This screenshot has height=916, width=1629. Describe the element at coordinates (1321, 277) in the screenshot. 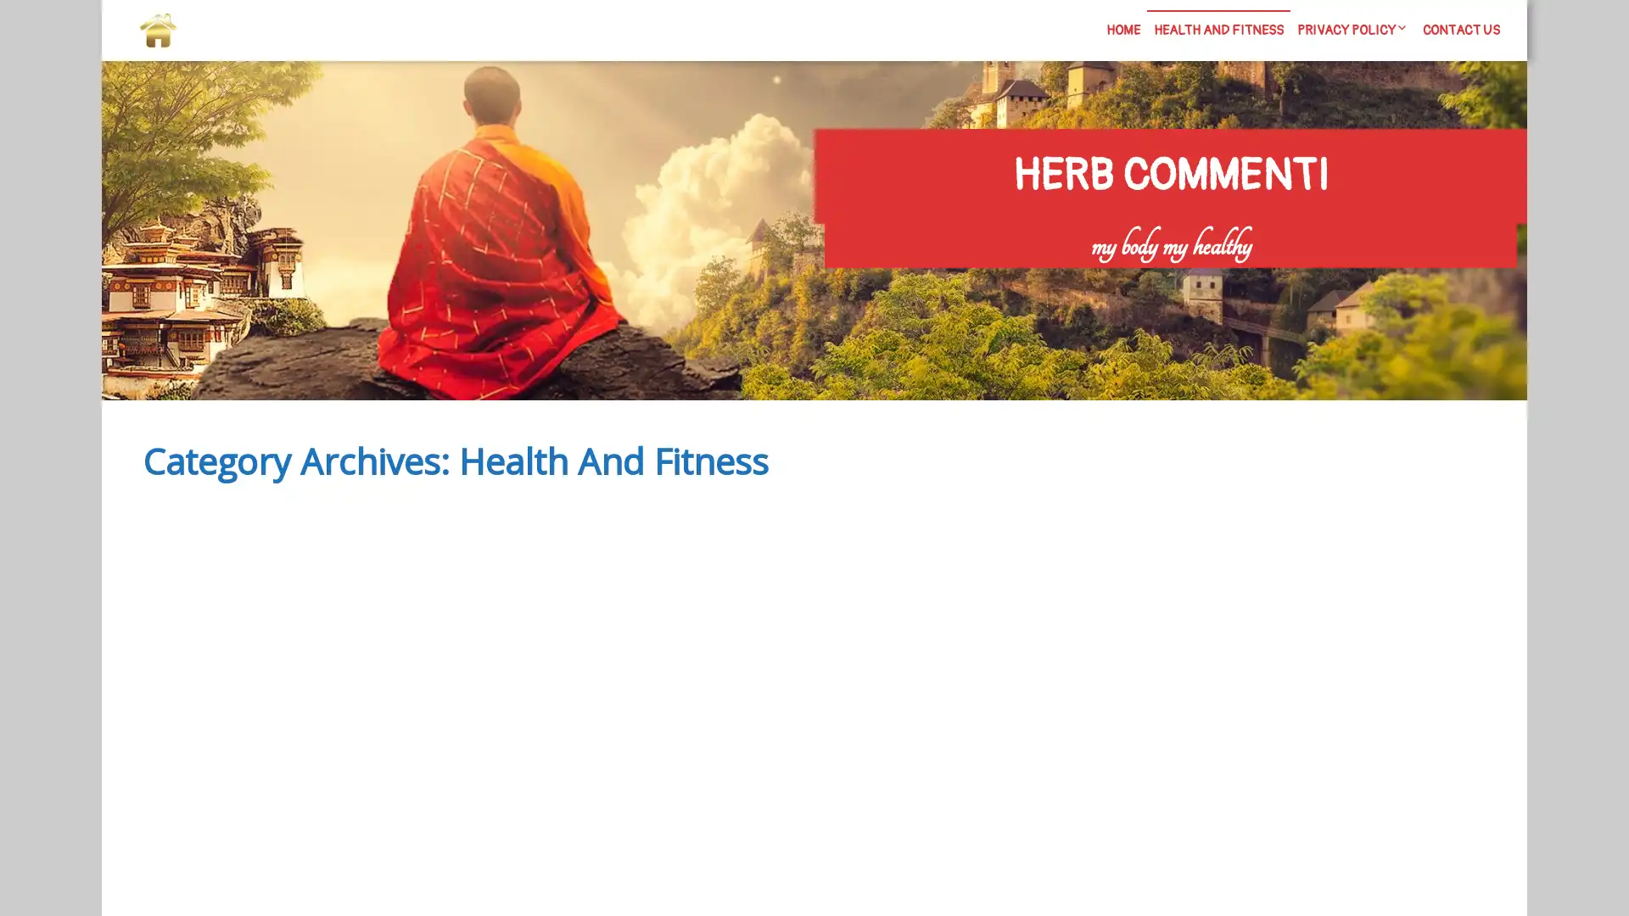

I see `Search` at that location.